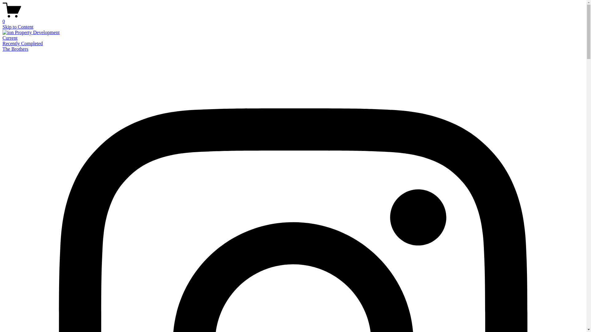  I want to click on '0', so click(293, 18).